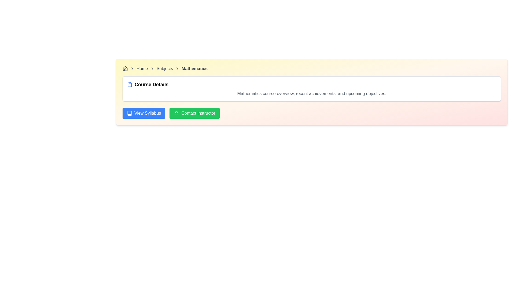  I want to click on the 'View Syllabus' button, which contains a minimalistic SVG book icon styled as a book, located at the bottom-left of the course details section, so click(130, 113).